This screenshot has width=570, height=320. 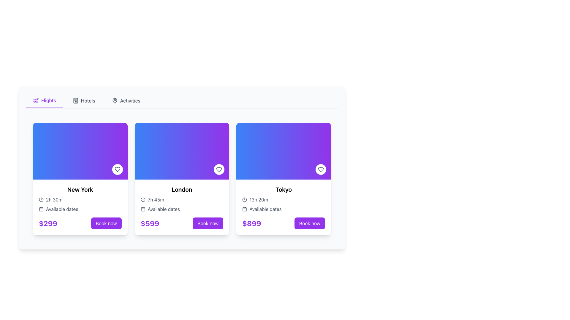 I want to click on the 'Available dates' text label, which is styled in gray and positioned below the travel duration indicator in the Tokyo travel information card, so click(x=283, y=209).